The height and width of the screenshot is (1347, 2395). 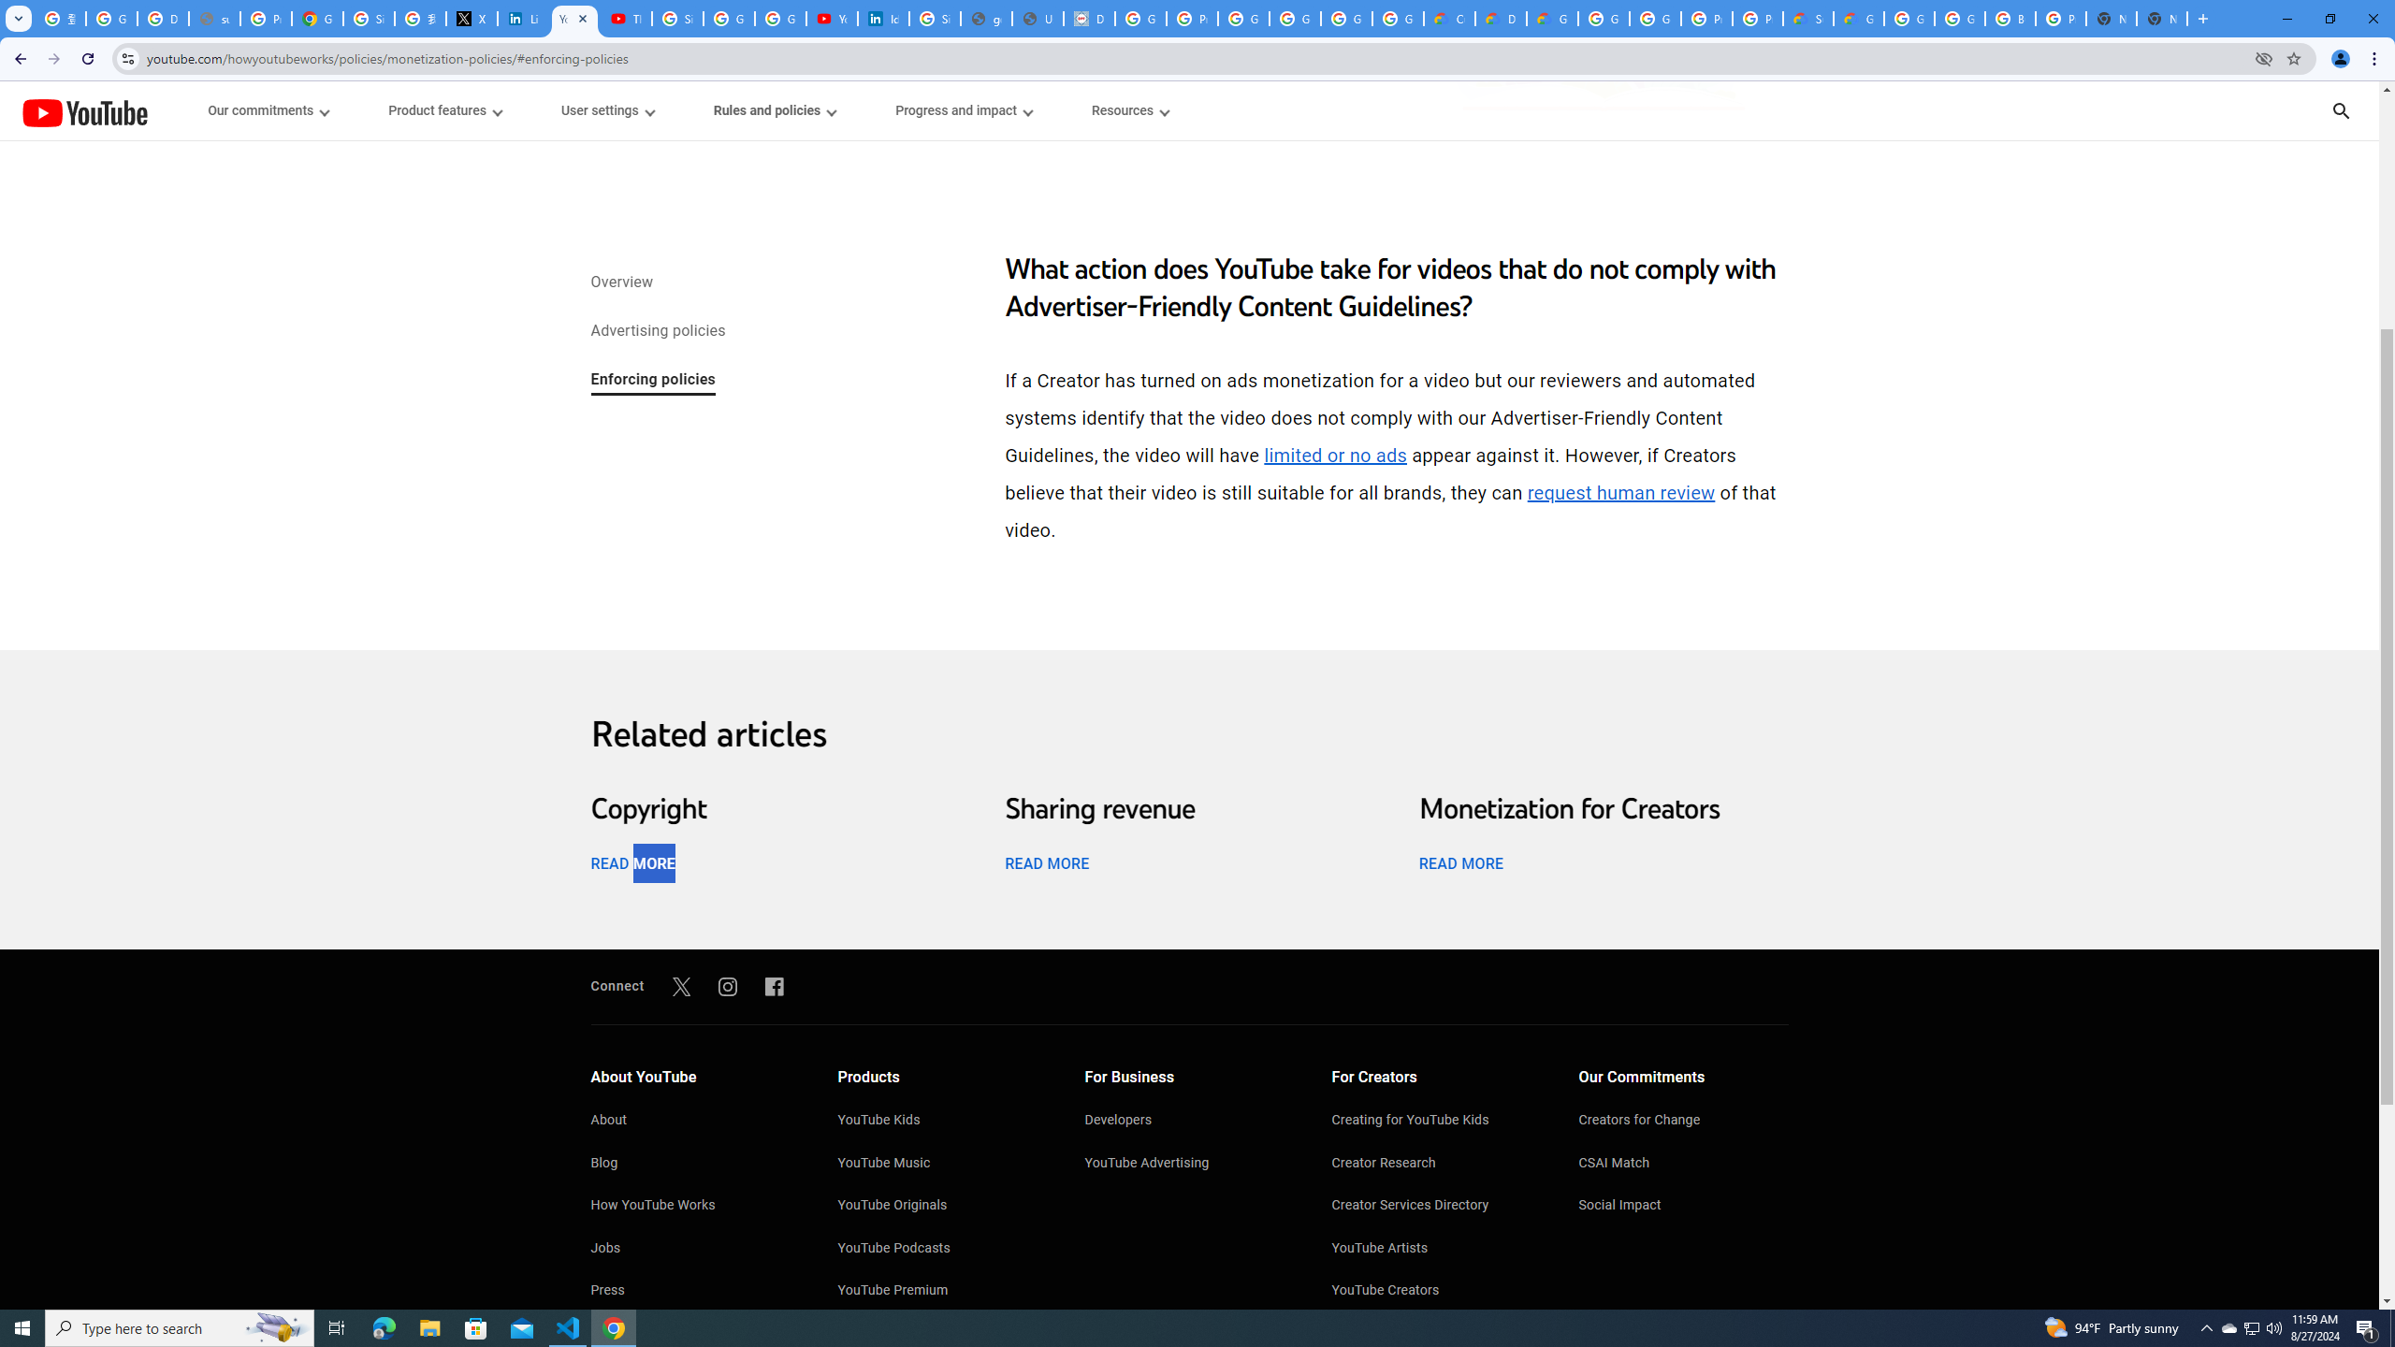 What do you see at coordinates (1602, 18) in the screenshot?
I see `'Google Cloud Platform'` at bounding box center [1602, 18].